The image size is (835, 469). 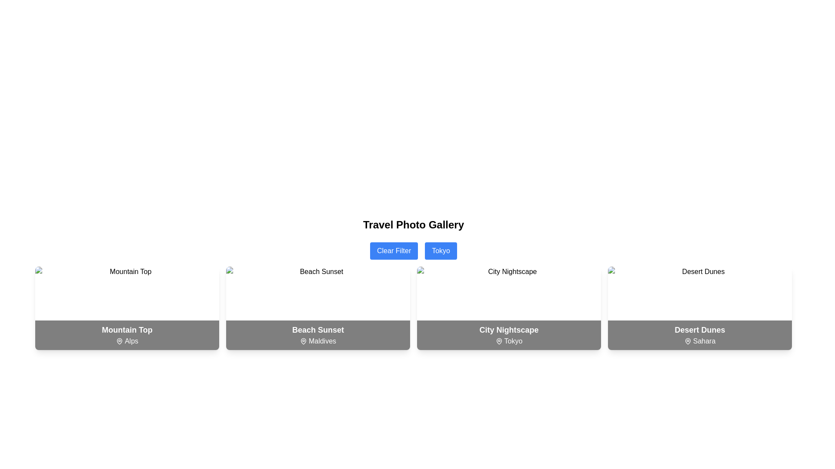 I want to click on the vector-based location icon (SVG) representing the Maldives, located to the left of the text 'Maldives' in the Beach Sunset section of the second card, so click(x=303, y=341).